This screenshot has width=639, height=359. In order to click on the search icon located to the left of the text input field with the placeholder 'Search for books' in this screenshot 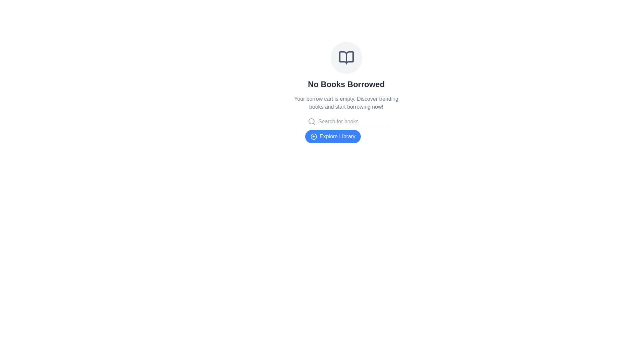, I will do `click(311, 122)`.